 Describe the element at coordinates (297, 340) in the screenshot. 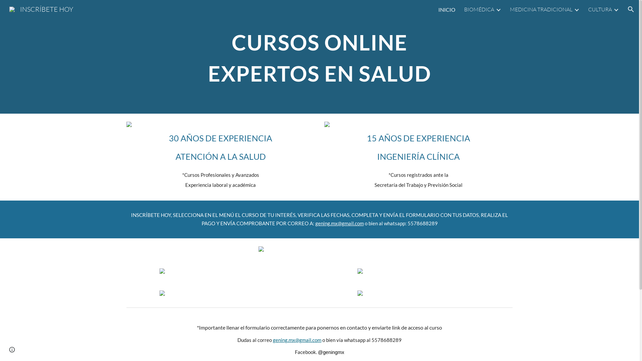

I see `'gening.mx@gmail.com'` at that location.